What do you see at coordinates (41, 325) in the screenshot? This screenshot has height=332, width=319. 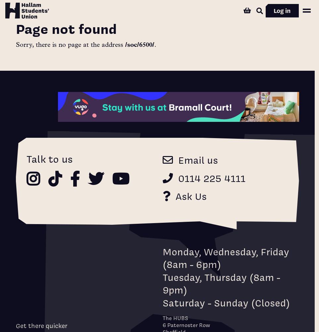 I see `'Get there quicker'` at bounding box center [41, 325].